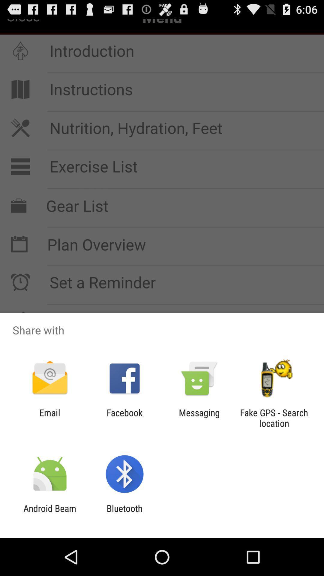 This screenshot has width=324, height=576. Describe the element at coordinates (124, 418) in the screenshot. I see `the app to the left of messaging app` at that location.